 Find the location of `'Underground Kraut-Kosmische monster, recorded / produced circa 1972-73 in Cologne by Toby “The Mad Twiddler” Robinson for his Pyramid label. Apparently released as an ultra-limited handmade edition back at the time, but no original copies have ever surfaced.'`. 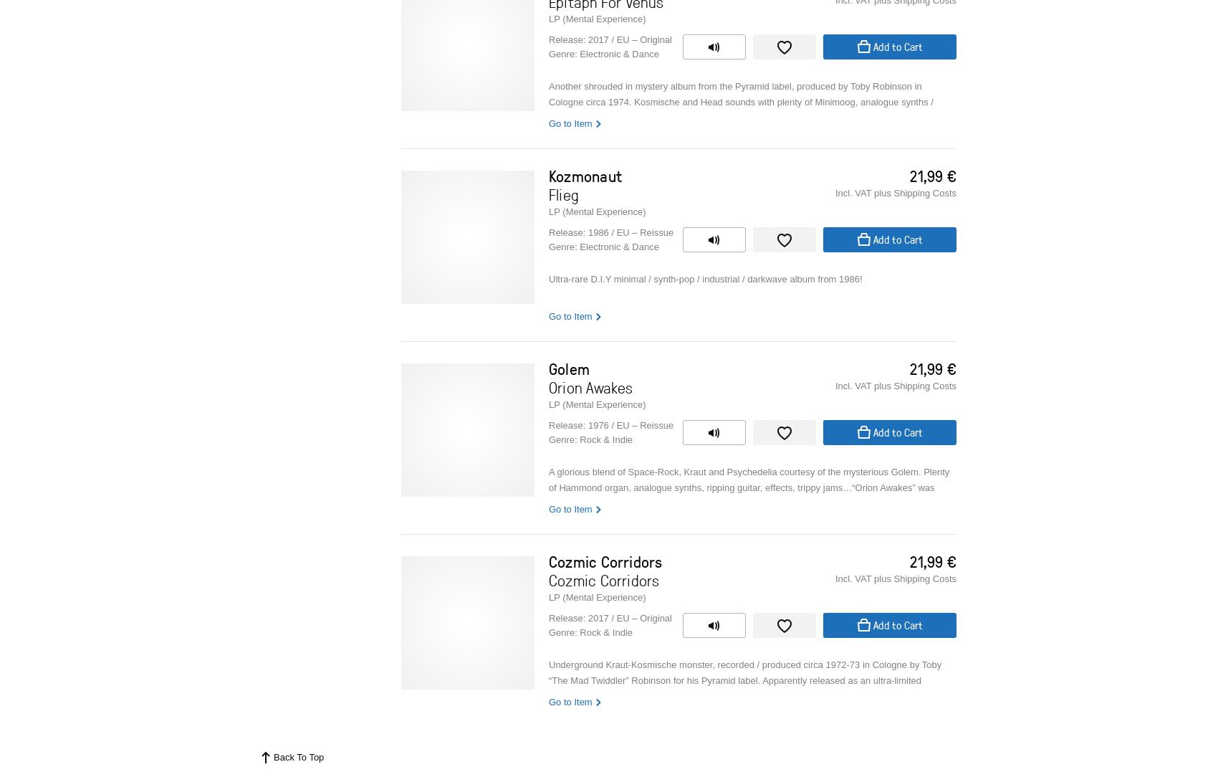

'Underground Kraut-Kosmische monster, recorded / produced circa 1972-73 in Cologne by Toby “The Mad Twiddler” Robinson for his Pyramid label. Apparently released as an ultra-limited handmade edition back at the time, but no original copies have ever surfaced.' is located at coordinates (744, 680).